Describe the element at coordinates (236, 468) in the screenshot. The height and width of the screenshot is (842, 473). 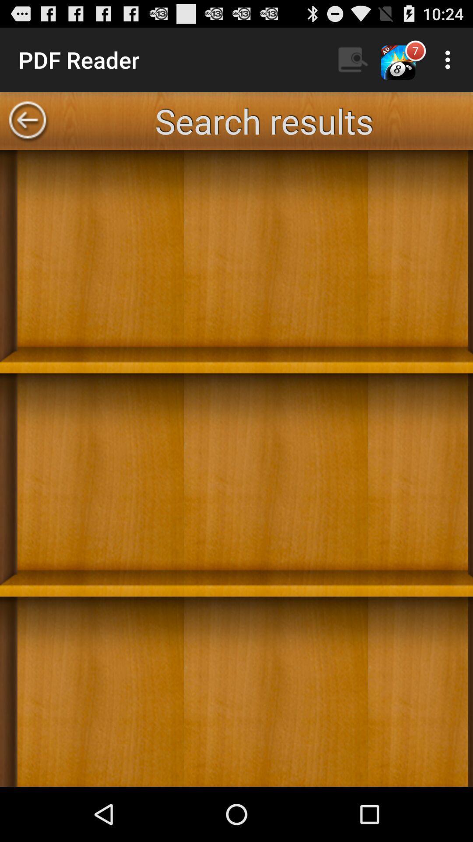
I see `empty bookshelf` at that location.